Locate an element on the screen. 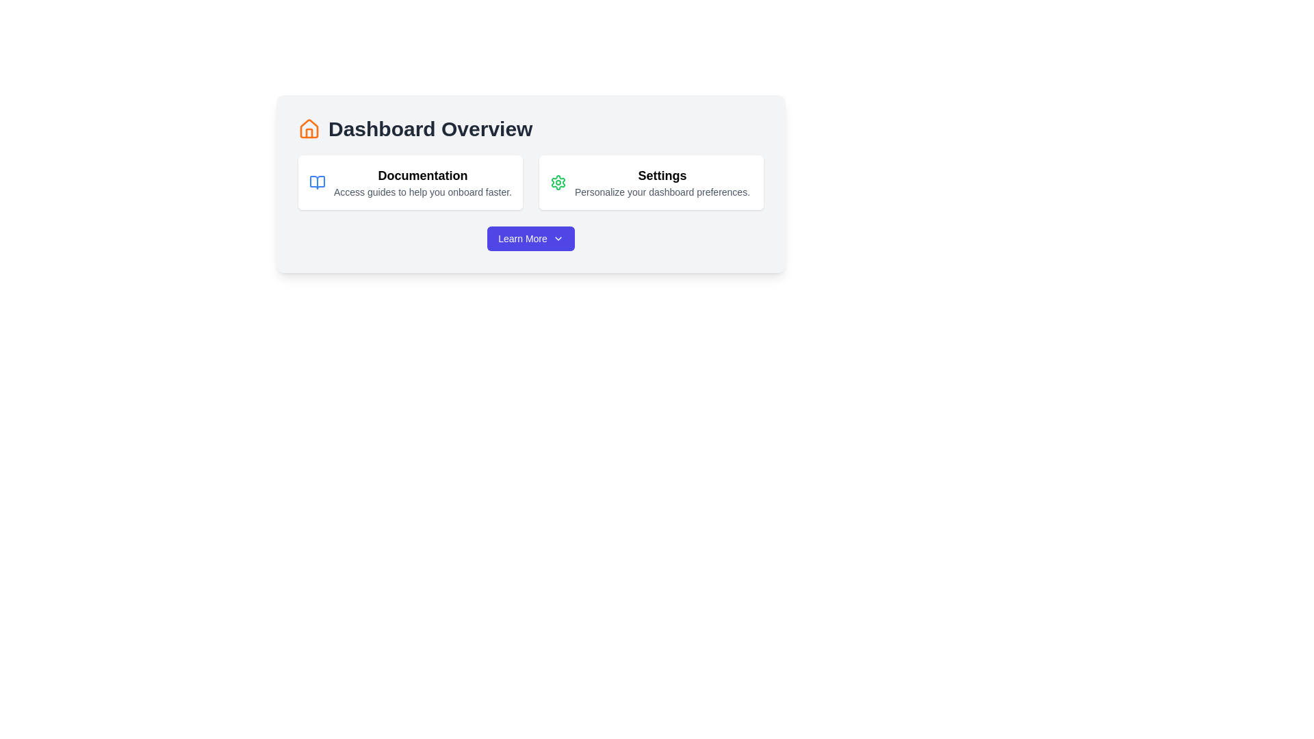 This screenshot has height=739, width=1314. the icon located to the right of the 'Learn More' text within the button to observe any interactive effects is located at coordinates (558, 237).